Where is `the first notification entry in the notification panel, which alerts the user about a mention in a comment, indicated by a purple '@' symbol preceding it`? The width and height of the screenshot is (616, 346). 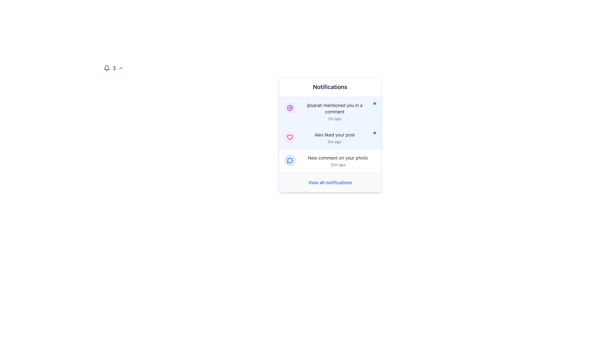 the first notification entry in the notification panel, which alerts the user about a mention in a comment, indicated by a purple '@' symbol preceding it is located at coordinates (334, 111).